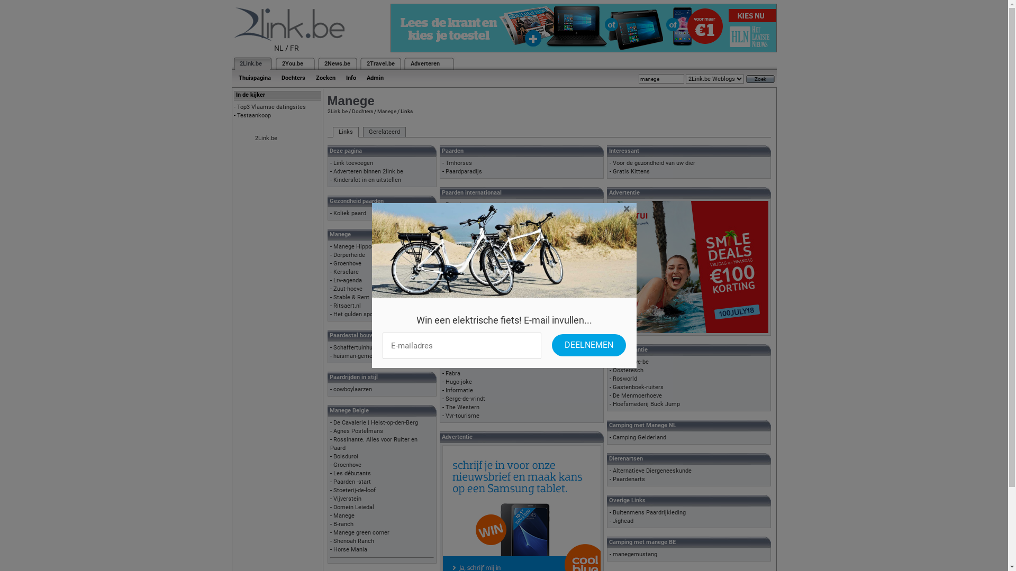 This screenshot has height=571, width=1016. Describe the element at coordinates (254, 77) in the screenshot. I see `'Thuispagina'` at that location.